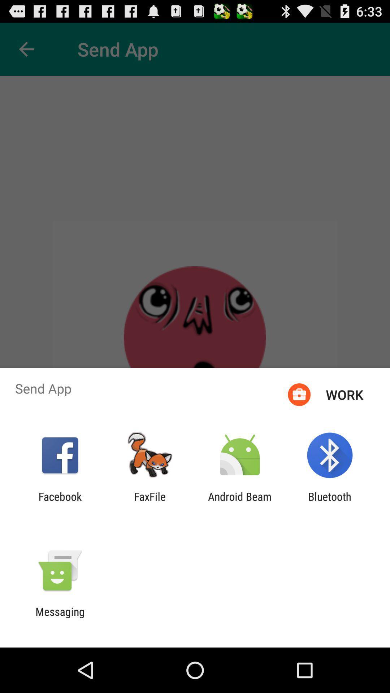  What do you see at coordinates (330, 502) in the screenshot?
I see `the item next to the android beam icon` at bounding box center [330, 502].